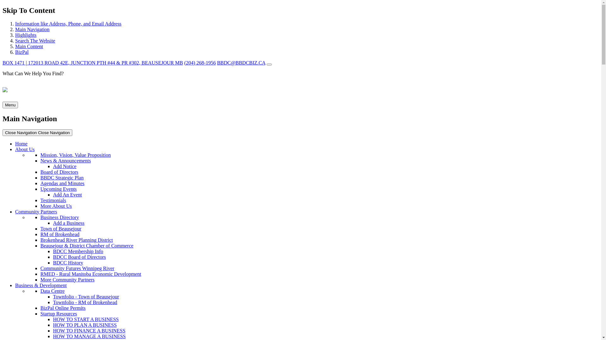  Describe the element at coordinates (269, 64) in the screenshot. I see `'Know the current weather in BEAUSEJOUR MB'` at that location.